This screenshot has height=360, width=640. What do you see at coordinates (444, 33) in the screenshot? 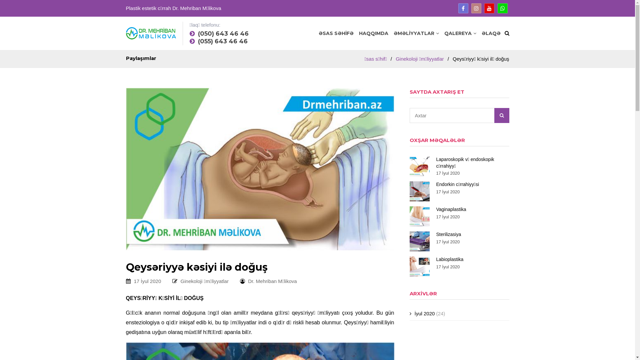
I see `'QALEREYA'` at bounding box center [444, 33].